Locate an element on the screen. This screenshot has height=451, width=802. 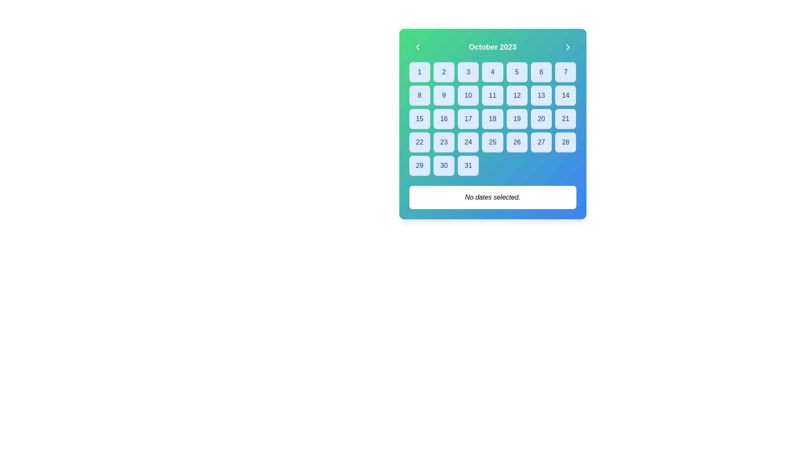
the button displaying the bold blue number '6' with a light blue background is located at coordinates (541, 72).